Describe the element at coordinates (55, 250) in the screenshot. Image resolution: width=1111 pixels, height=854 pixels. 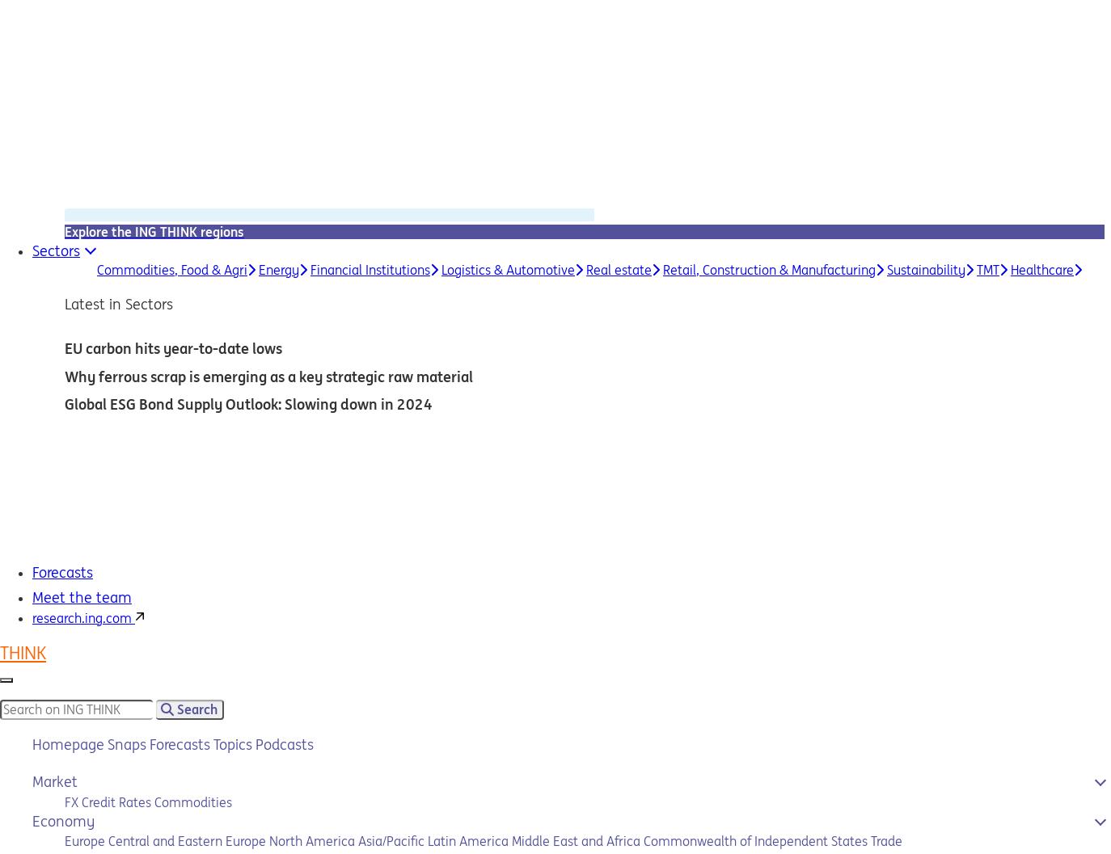
I see `'Sectors'` at that location.